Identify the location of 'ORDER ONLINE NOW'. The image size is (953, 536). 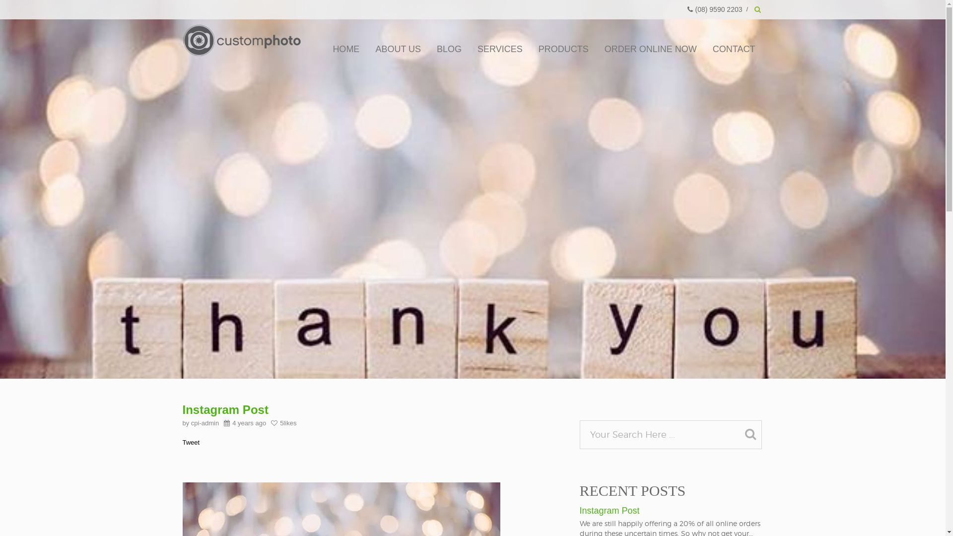
(650, 49).